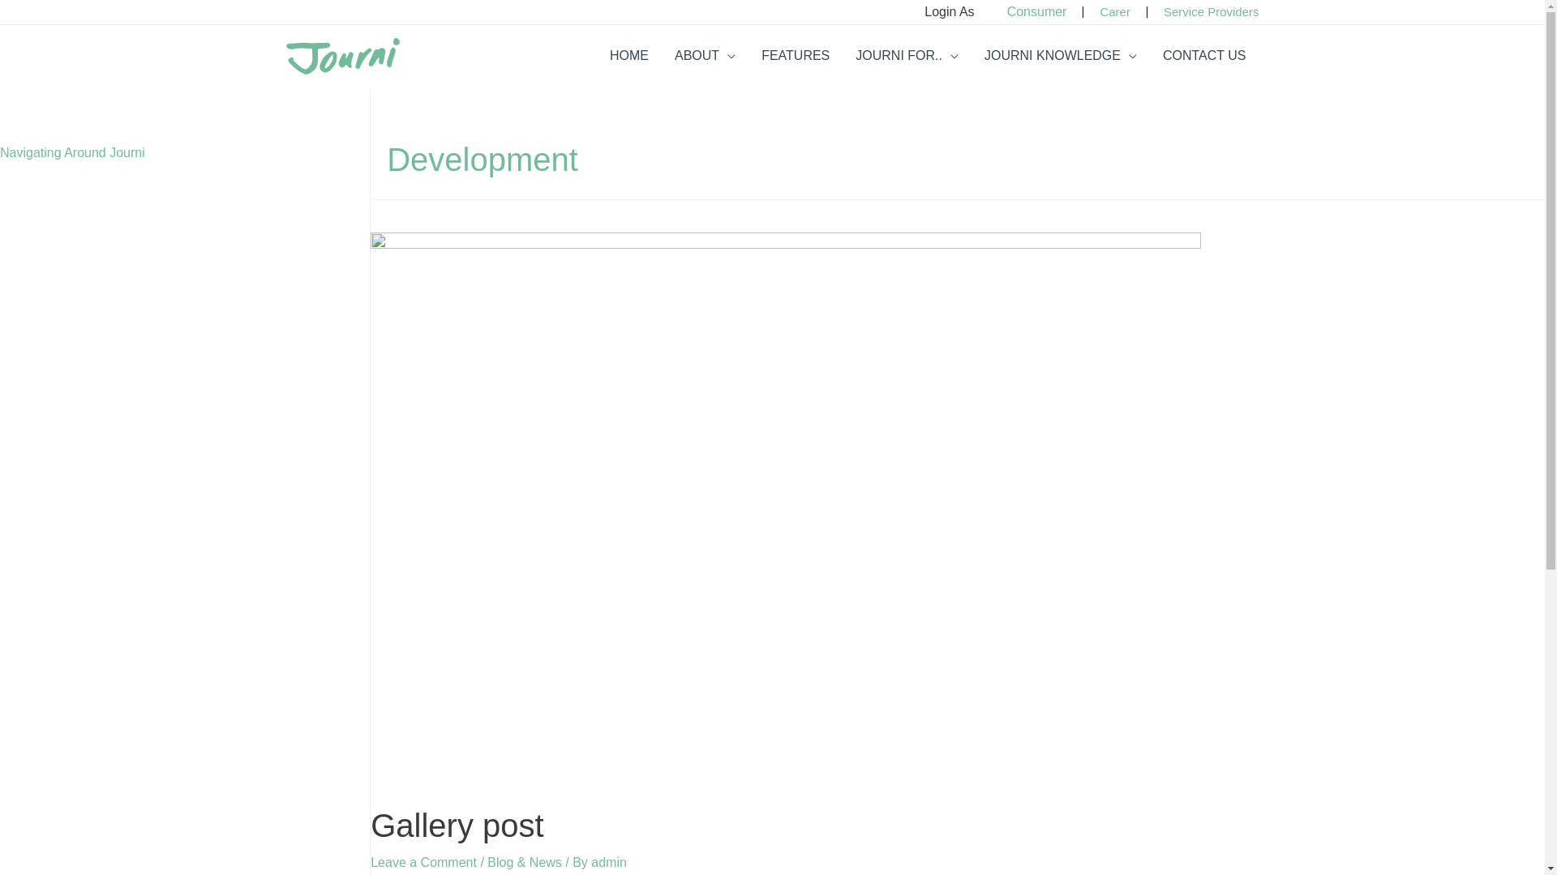  What do you see at coordinates (972, 55) in the screenshot?
I see `'JOURNI KNOWLEDGE'` at bounding box center [972, 55].